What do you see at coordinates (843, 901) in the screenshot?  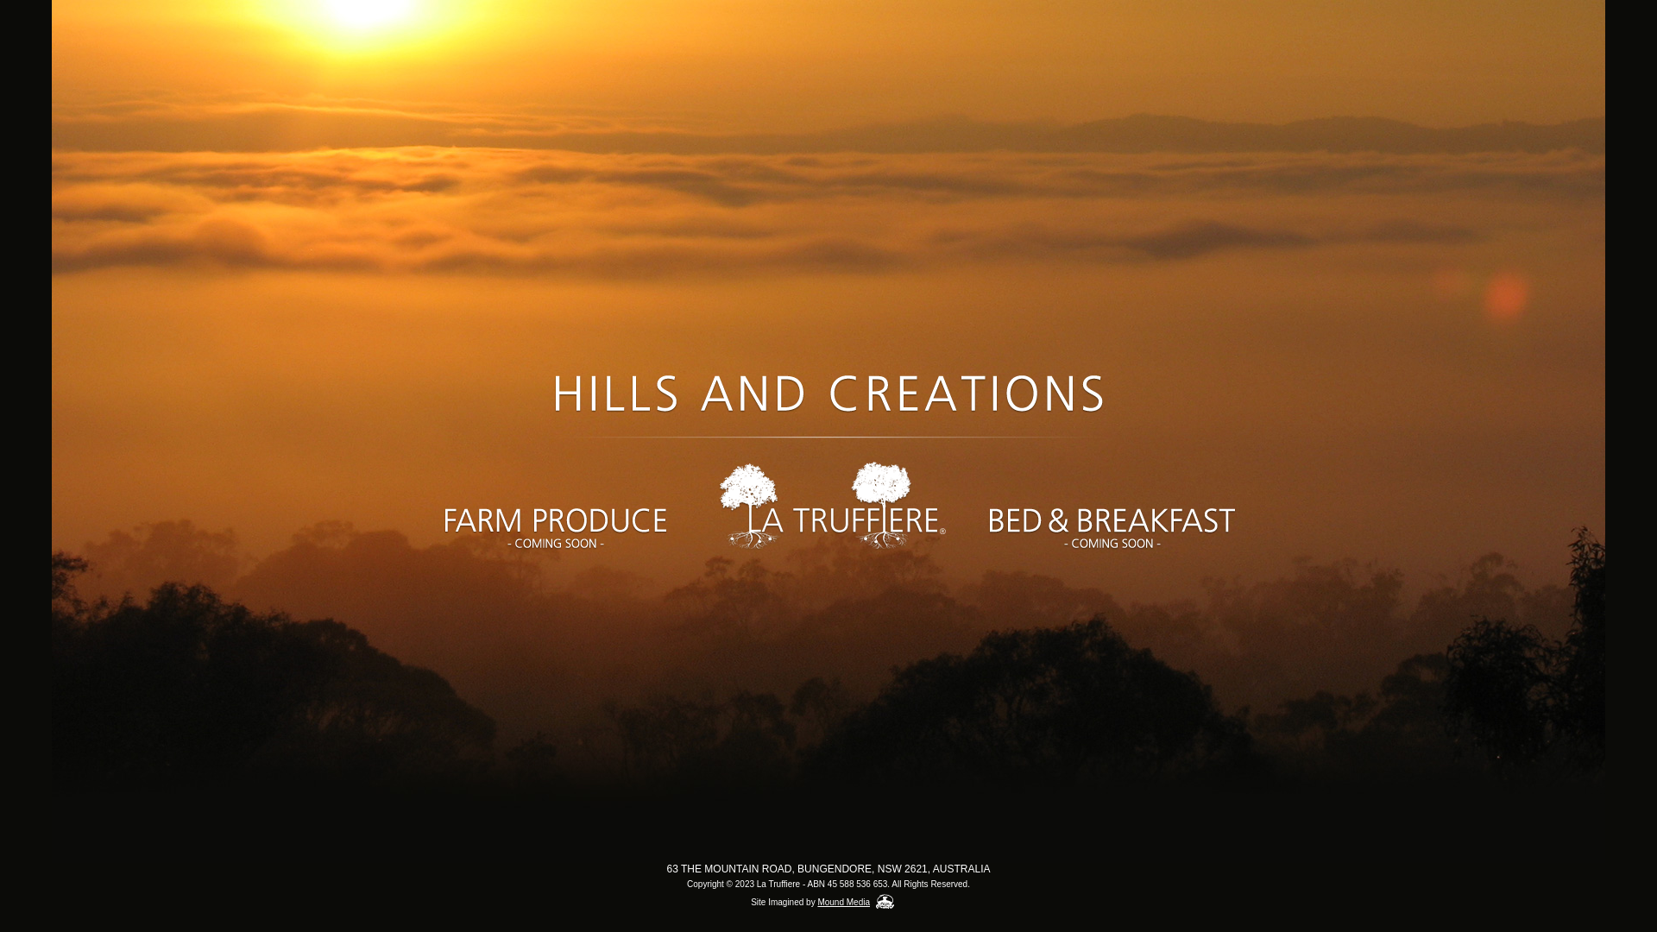 I see `'Mound Media'` at bounding box center [843, 901].